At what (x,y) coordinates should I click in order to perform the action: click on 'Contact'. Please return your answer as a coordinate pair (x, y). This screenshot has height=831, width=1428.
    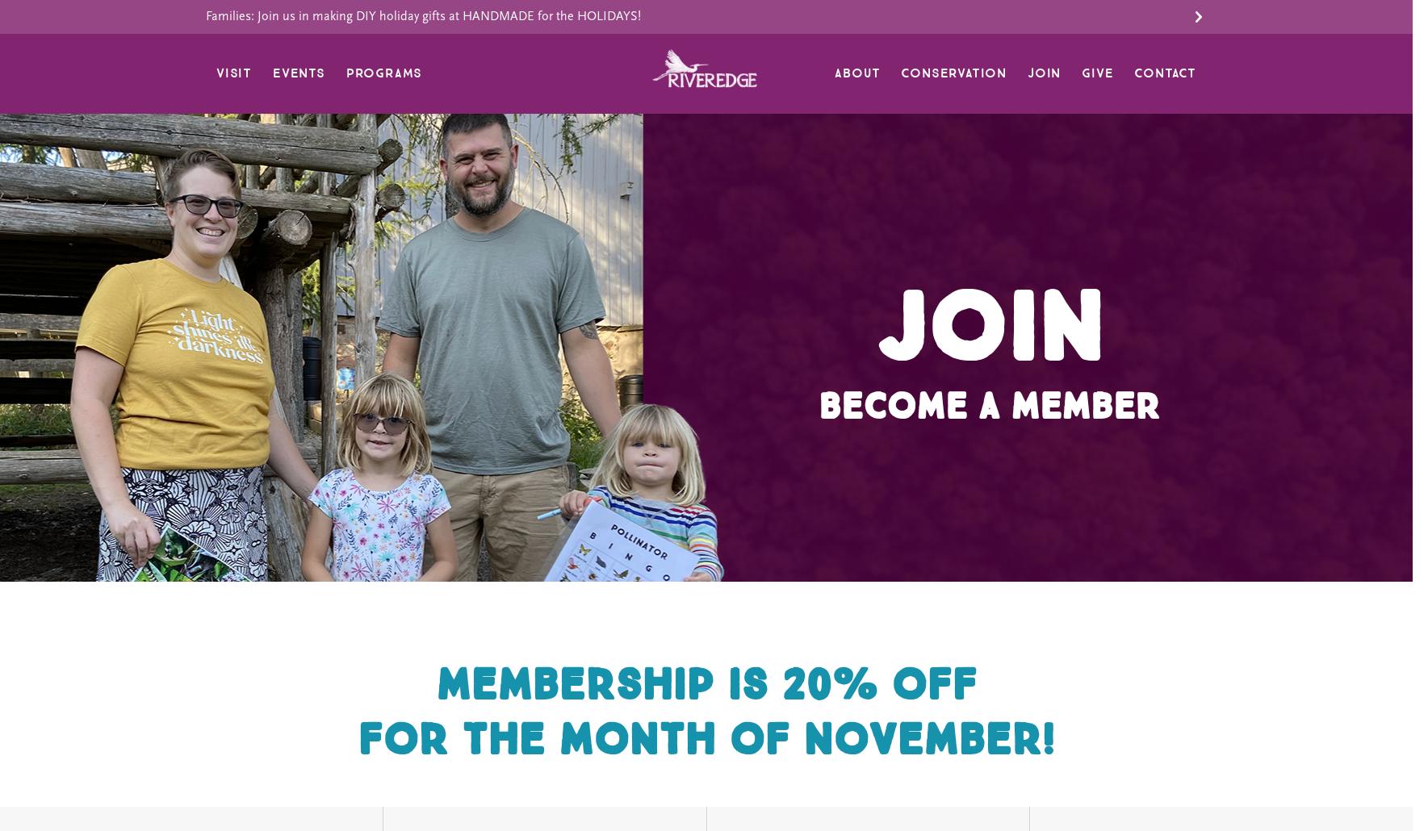
    Looking at the image, I should click on (1164, 73).